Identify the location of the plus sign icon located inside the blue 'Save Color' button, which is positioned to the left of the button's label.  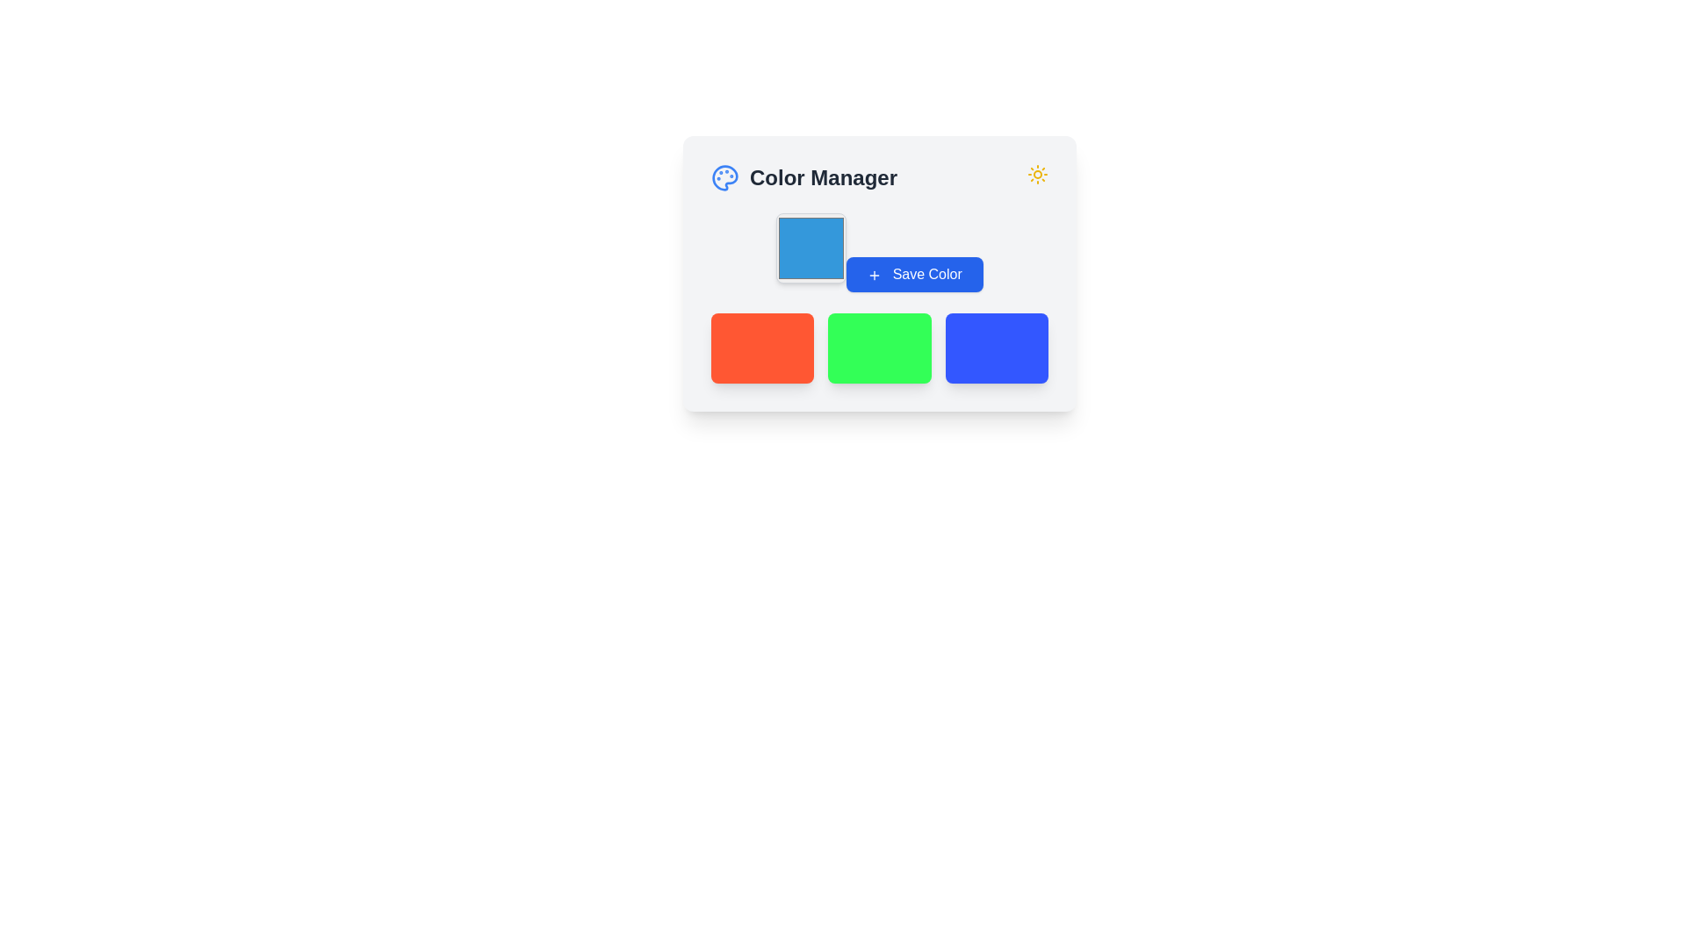
(875, 275).